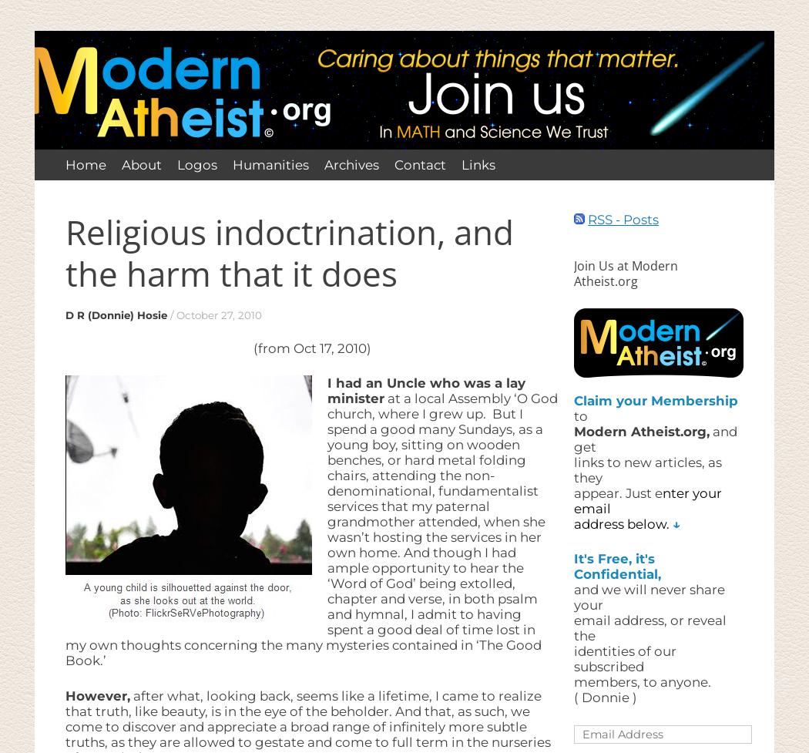 The width and height of the screenshot is (809, 753). Describe the element at coordinates (572, 627) in the screenshot. I see `'email address, or reveal the'` at that location.